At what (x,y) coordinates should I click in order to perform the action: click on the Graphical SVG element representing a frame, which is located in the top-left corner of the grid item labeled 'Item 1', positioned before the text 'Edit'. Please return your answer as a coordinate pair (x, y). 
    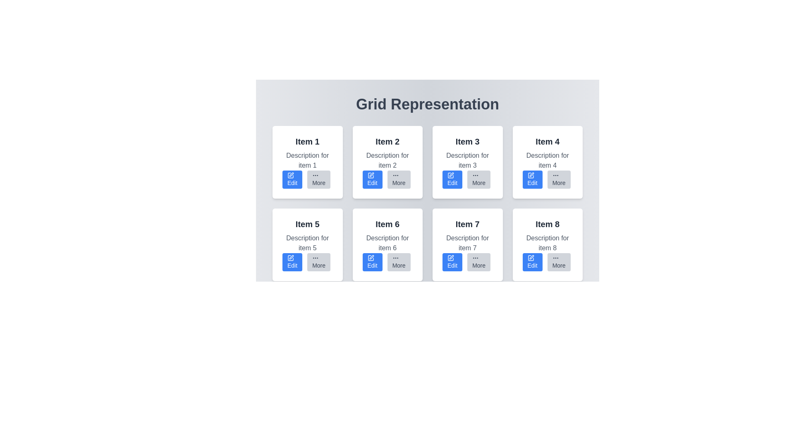
    Looking at the image, I should click on (290, 175).